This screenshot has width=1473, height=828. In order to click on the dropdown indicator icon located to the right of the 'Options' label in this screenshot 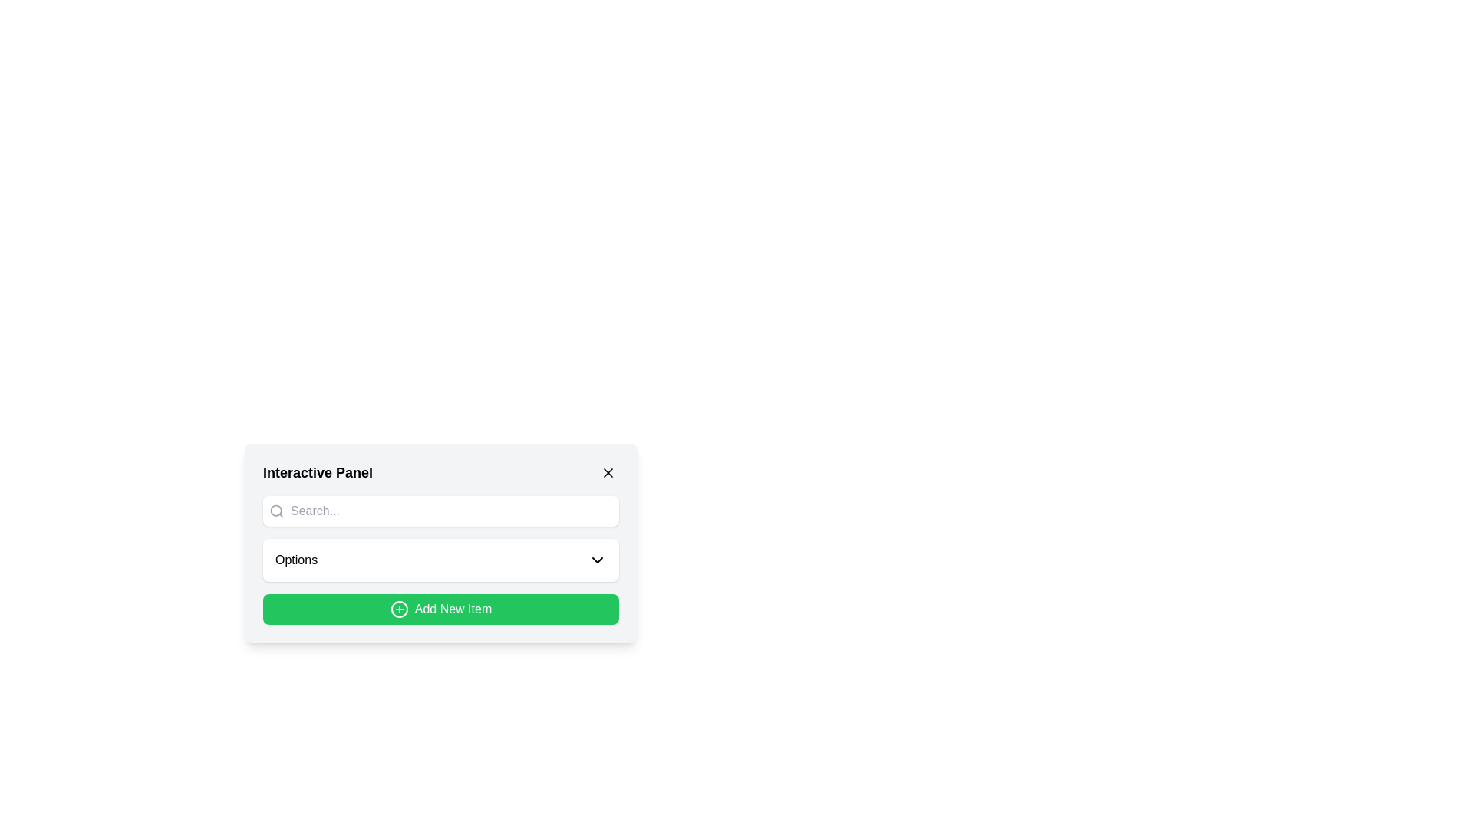, I will do `click(596, 560)`.